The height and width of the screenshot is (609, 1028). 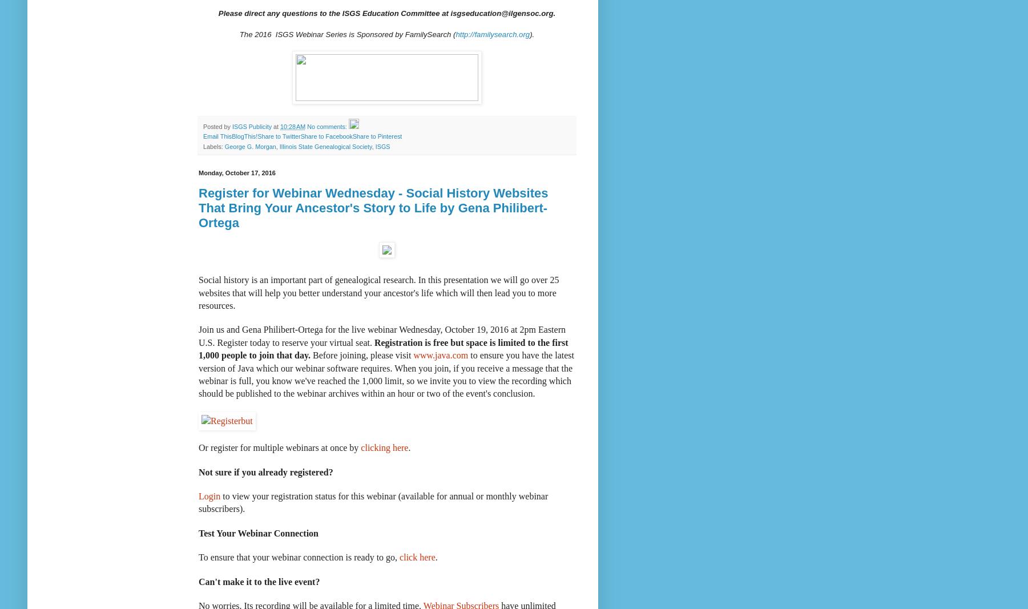 What do you see at coordinates (279, 127) in the screenshot?
I see `'10:28 AM'` at bounding box center [279, 127].